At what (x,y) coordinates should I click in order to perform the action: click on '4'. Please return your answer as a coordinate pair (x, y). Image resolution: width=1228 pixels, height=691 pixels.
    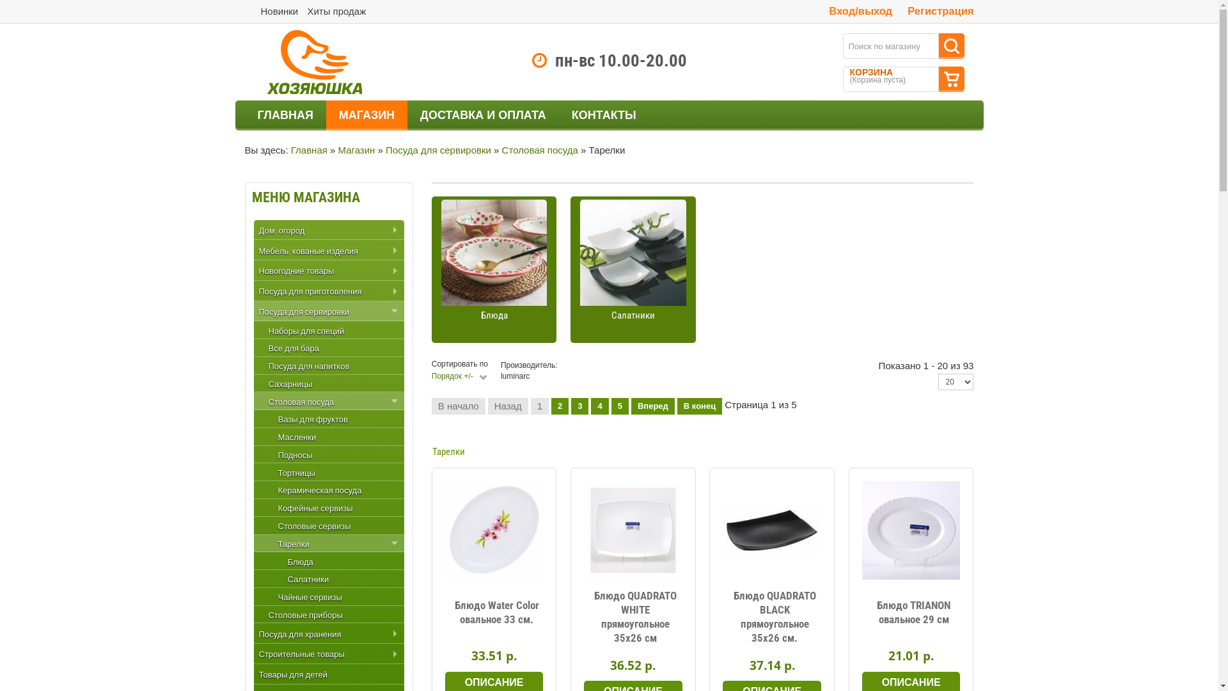
    Looking at the image, I should click on (599, 406).